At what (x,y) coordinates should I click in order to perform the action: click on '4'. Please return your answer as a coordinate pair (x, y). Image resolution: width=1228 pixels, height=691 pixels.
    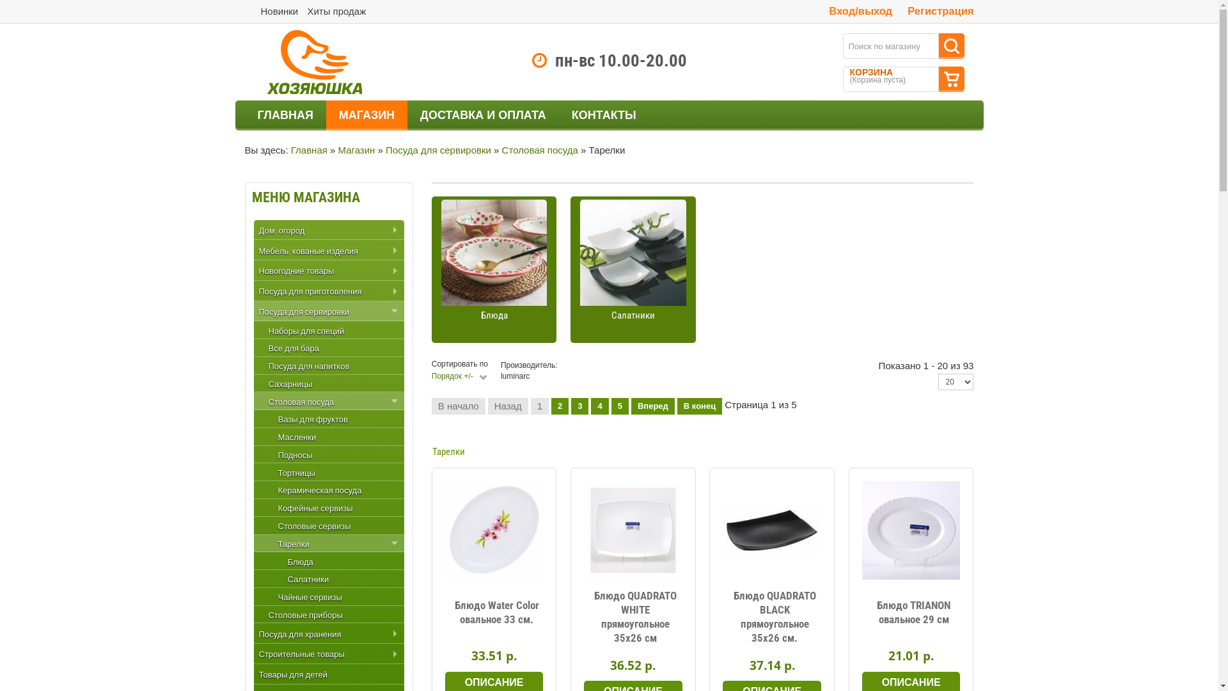
    Looking at the image, I should click on (599, 406).